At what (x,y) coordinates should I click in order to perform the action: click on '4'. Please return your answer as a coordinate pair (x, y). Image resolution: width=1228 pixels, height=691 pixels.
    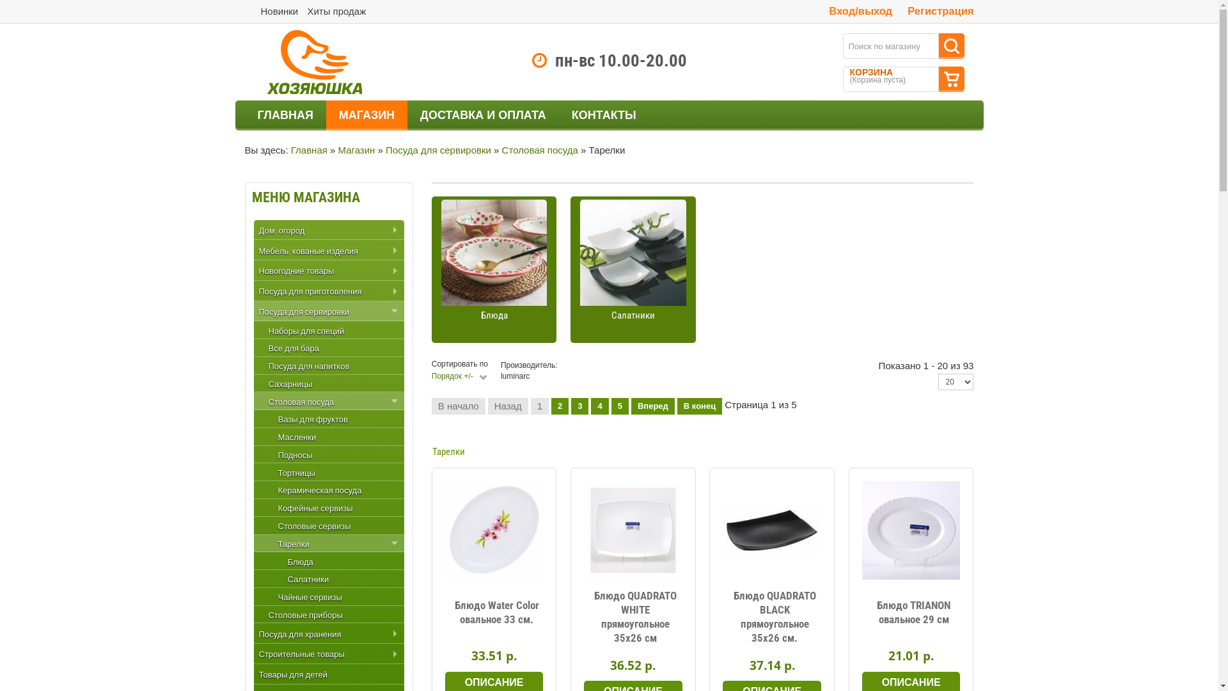
    Looking at the image, I should click on (599, 406).